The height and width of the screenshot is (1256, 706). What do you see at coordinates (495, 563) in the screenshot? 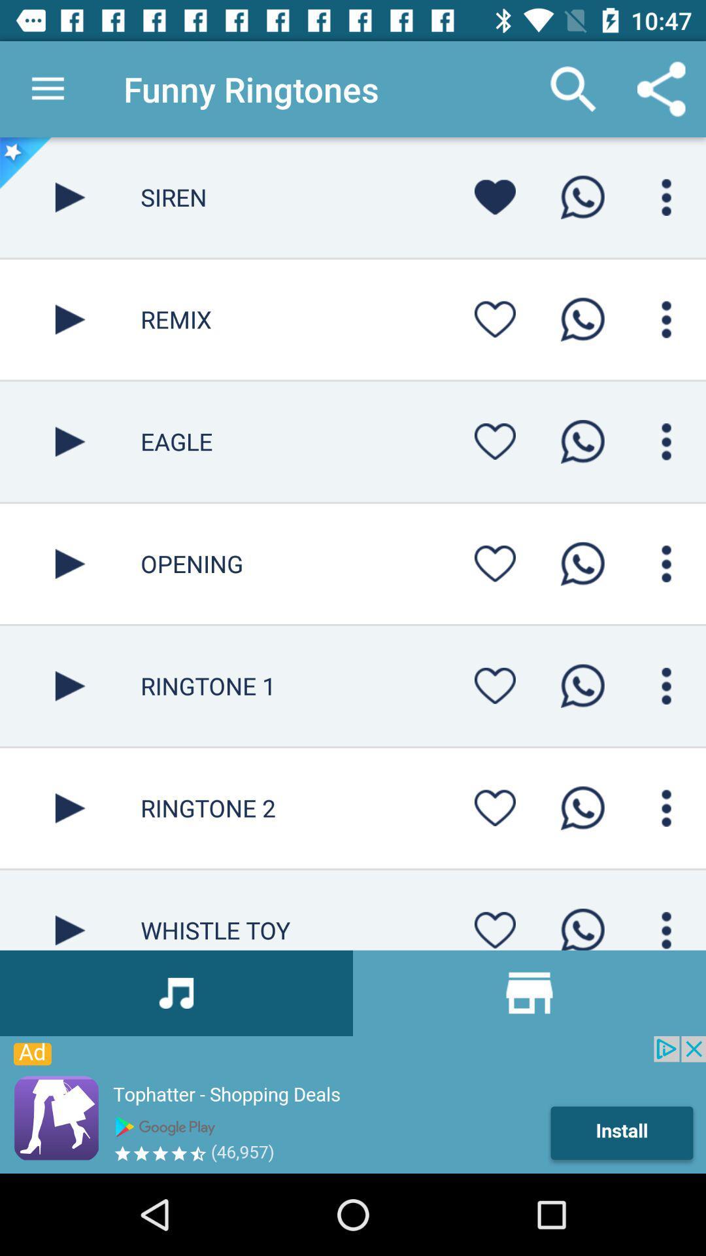
I see `heart icon` at bounding box center [495, 563].